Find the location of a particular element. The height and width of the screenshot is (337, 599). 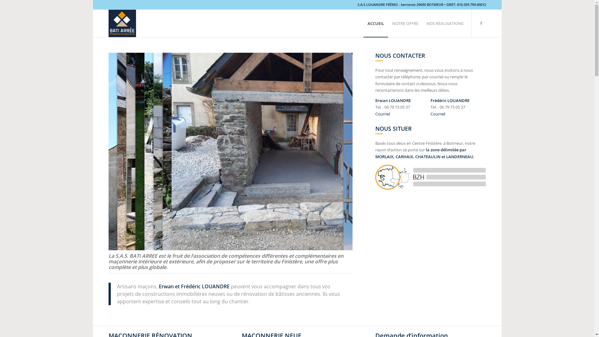

'Facebook' is located at coordinates (481, 22).